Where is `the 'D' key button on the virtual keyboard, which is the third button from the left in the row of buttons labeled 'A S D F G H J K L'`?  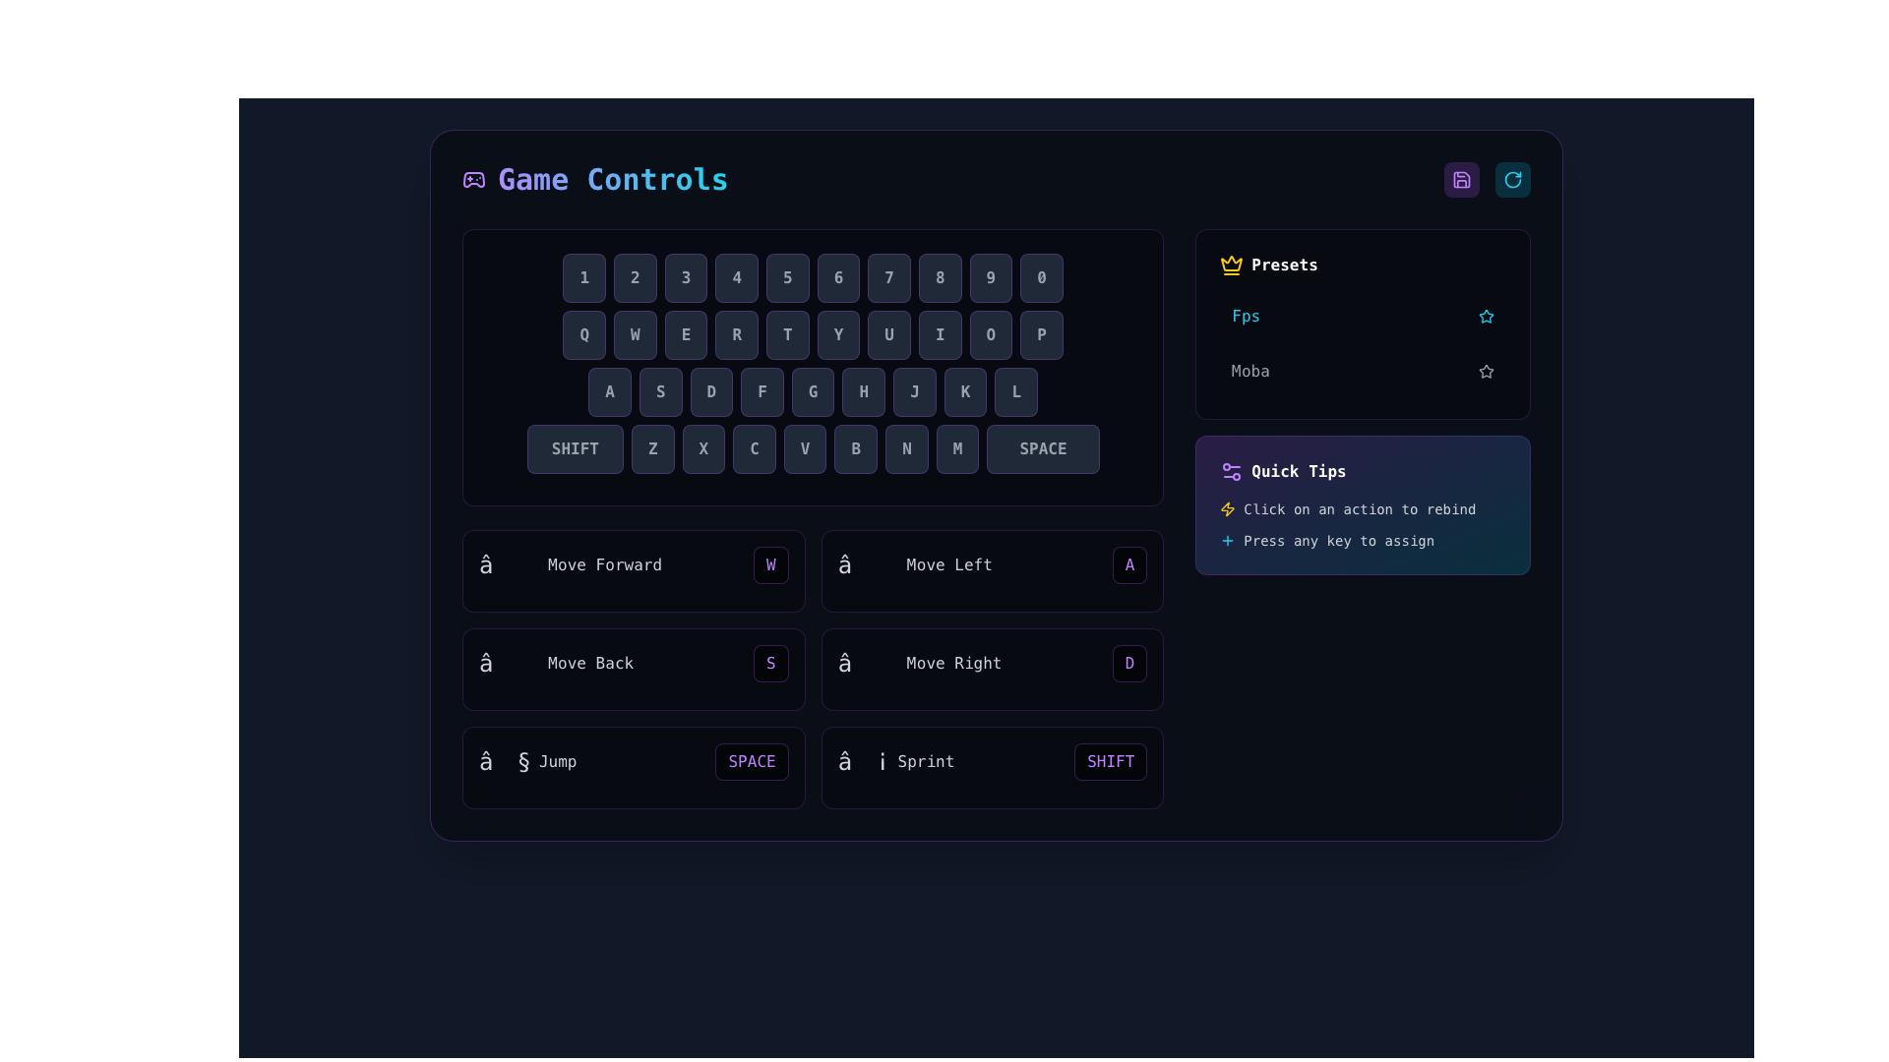 the 'D' key button on the virtual keyboard, which is the third button from the left in the row of buttons labeled 'A S D F G H J K L' is located at coordinates (710, 391).